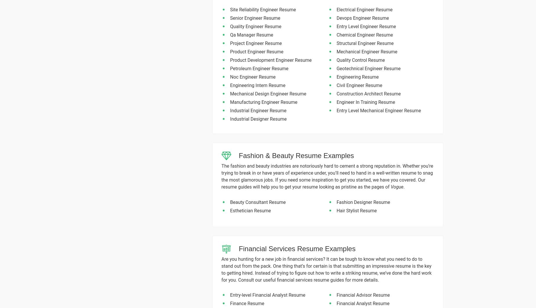 Image resolution: width=536 pixels, height=308 pixels. I want to click on 'Product Development Engineer Resume', so click(270, 60).